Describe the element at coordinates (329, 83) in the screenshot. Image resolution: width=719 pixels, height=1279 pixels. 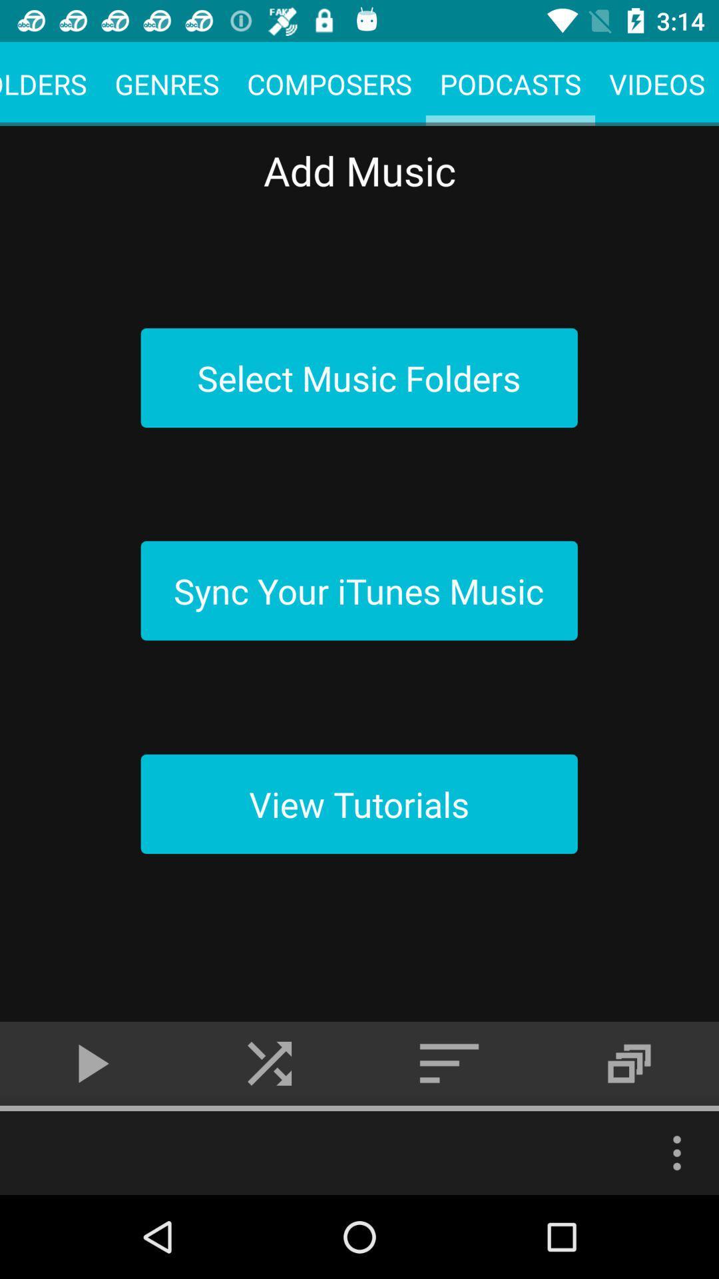
I see `the composers button beside genres` at that location.